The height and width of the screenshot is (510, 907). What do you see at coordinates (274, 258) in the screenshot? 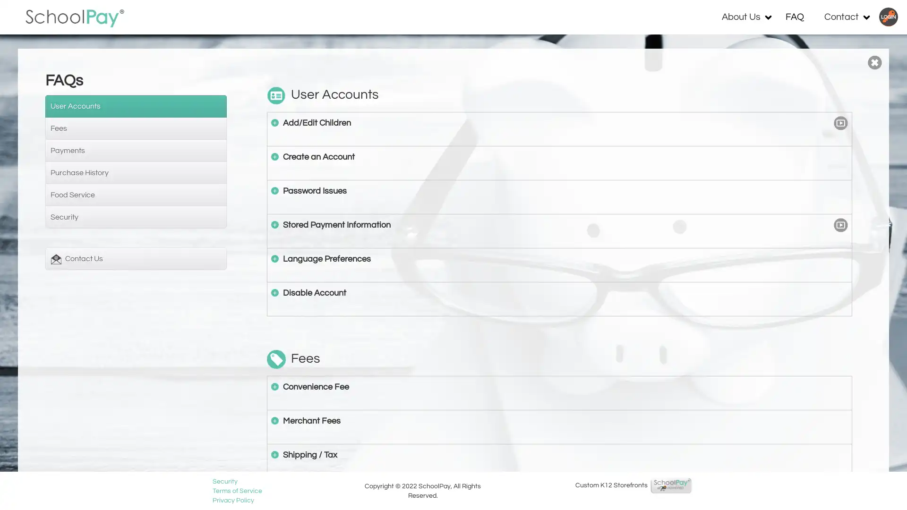
I see `Language Preferences` at bounding box center [274, 258].